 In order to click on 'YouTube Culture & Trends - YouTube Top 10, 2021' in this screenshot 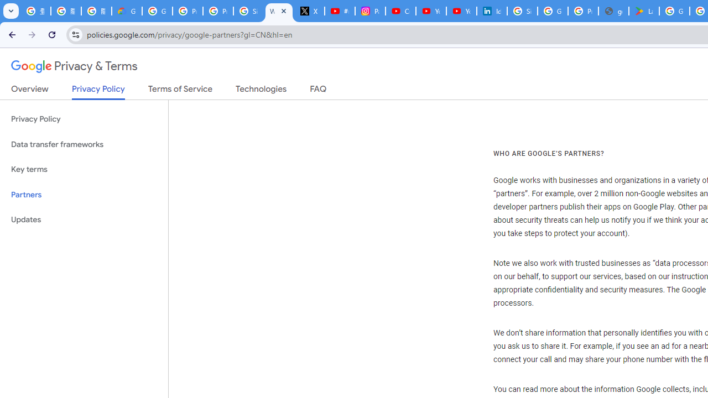, I will do `click(461, 11)`.